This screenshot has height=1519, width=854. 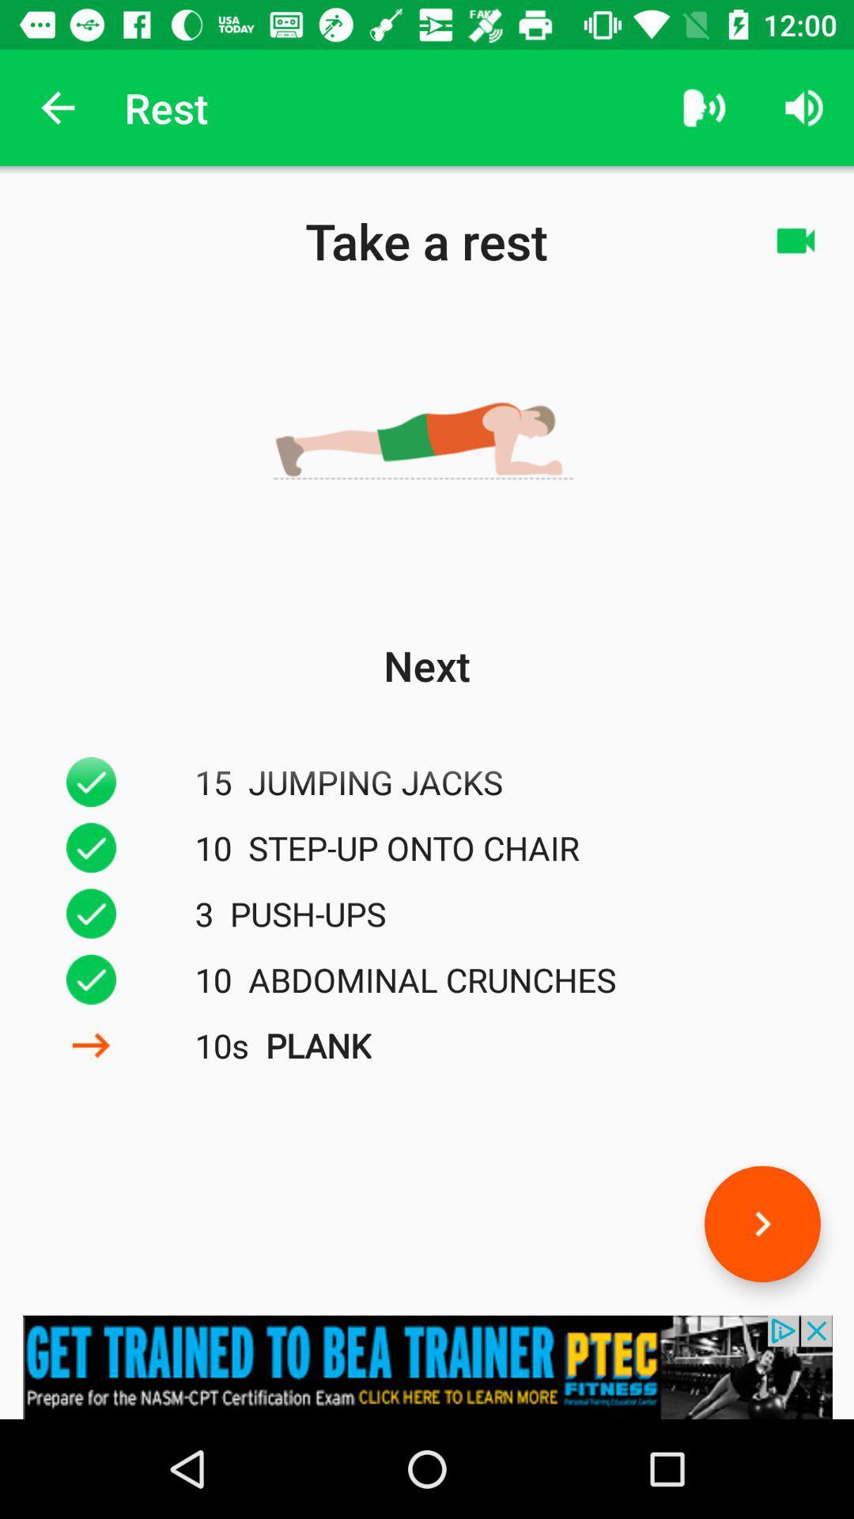 I want to click on record video, so click(x=795, y=240).